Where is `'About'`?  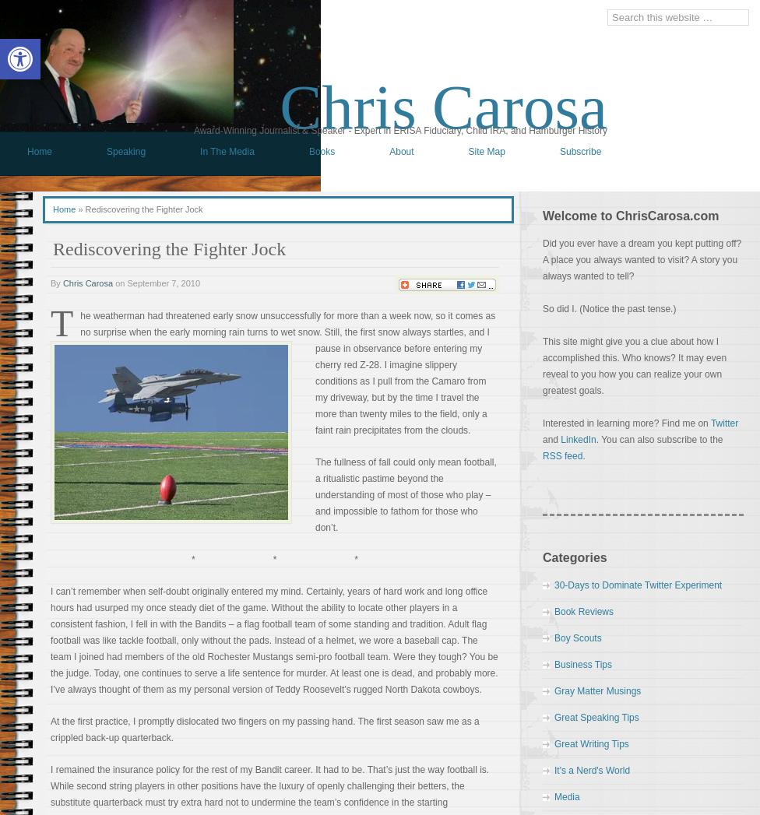 'About' is located at coordinates (389, 150).